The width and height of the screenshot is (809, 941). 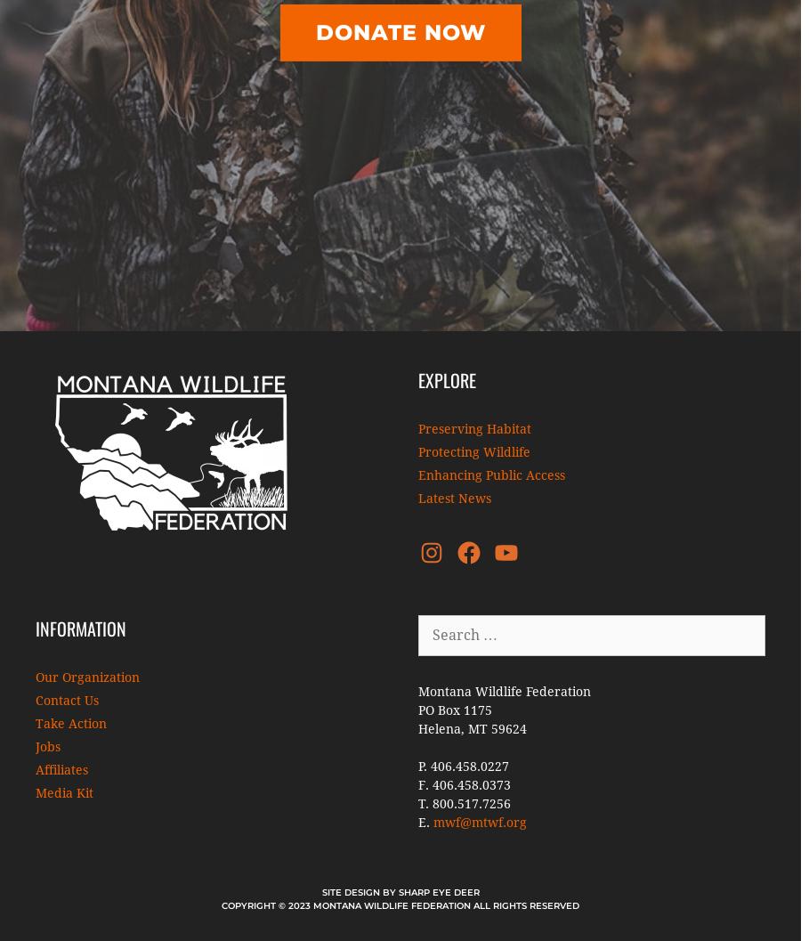 I want to click on 'Take Action', so click(x=69, y=724).